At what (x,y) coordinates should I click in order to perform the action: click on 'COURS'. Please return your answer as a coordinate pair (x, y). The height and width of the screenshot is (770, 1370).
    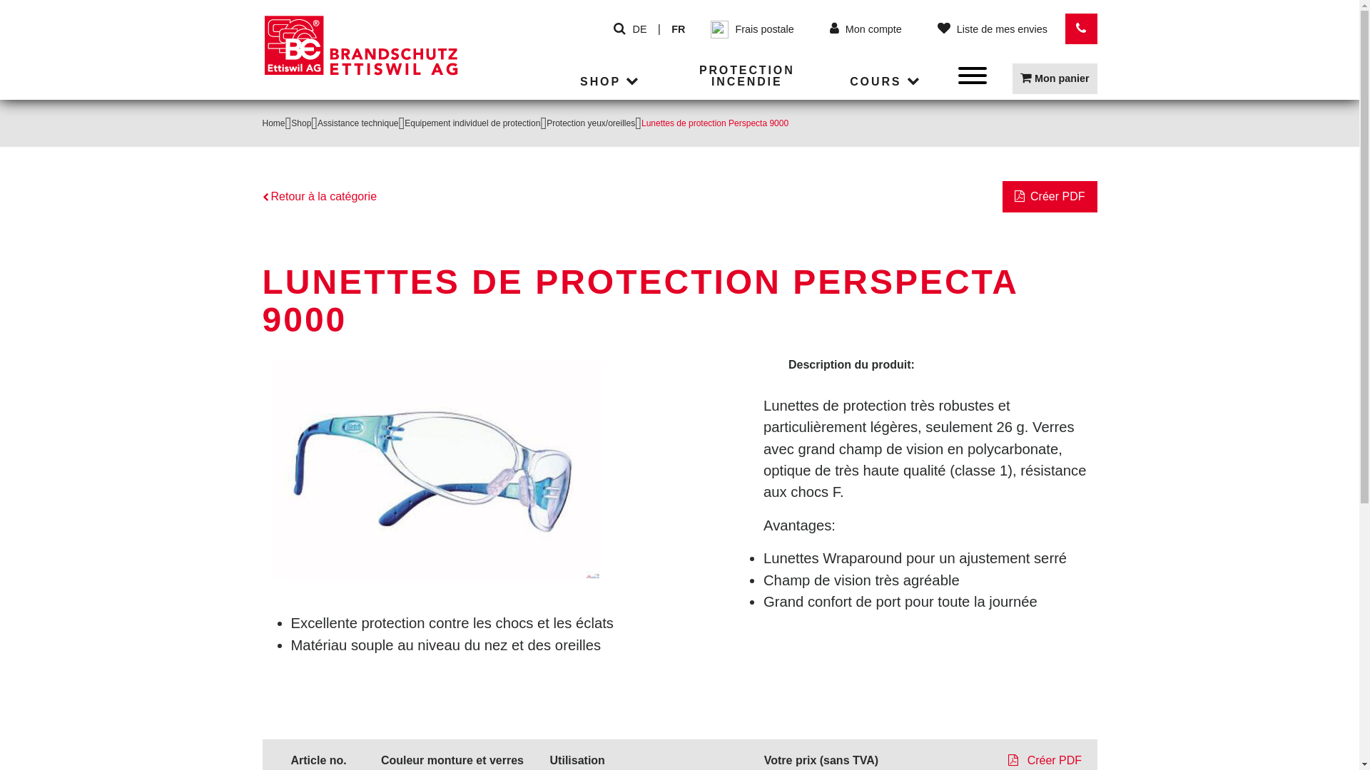
    Looking at the image, I should click on (886, 82).